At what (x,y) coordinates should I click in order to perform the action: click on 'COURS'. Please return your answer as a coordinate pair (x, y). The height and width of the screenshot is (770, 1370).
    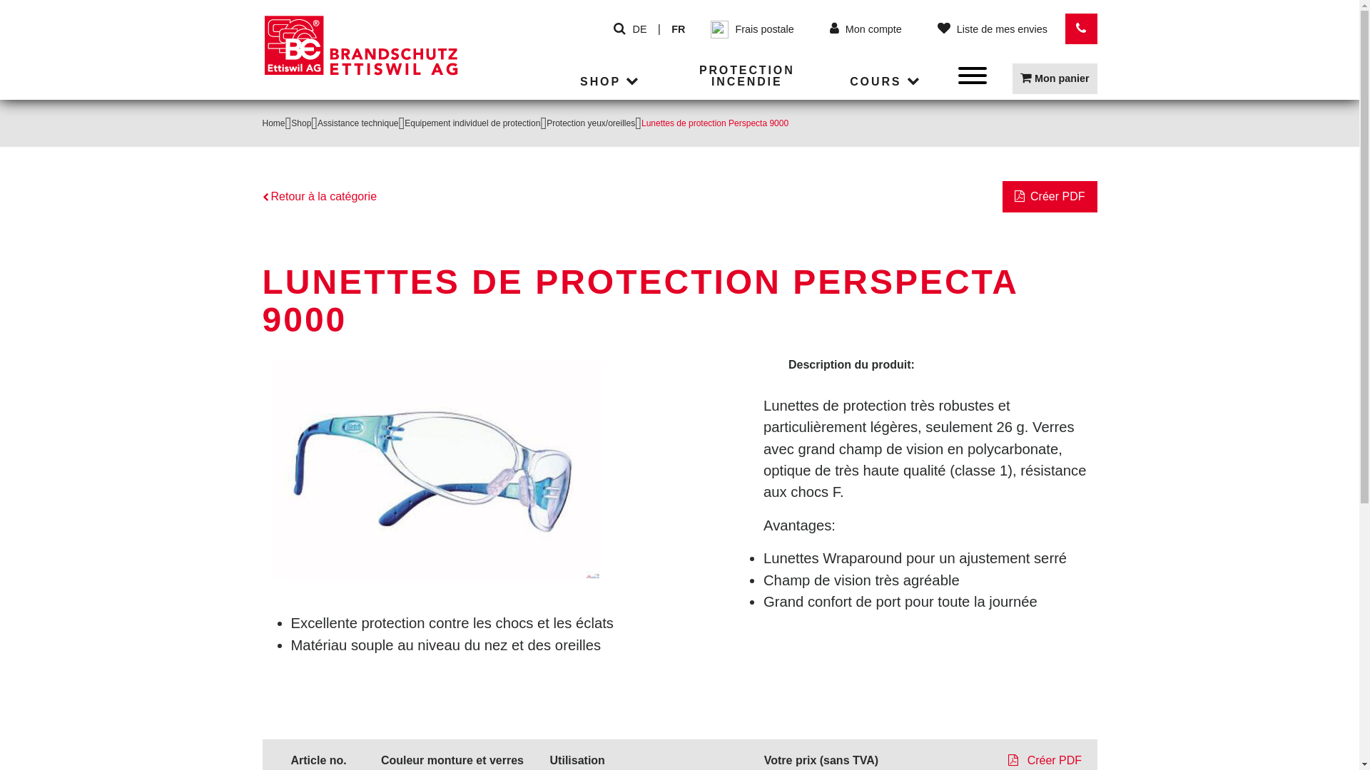
    Looking at the image, I should click on (886, 82).